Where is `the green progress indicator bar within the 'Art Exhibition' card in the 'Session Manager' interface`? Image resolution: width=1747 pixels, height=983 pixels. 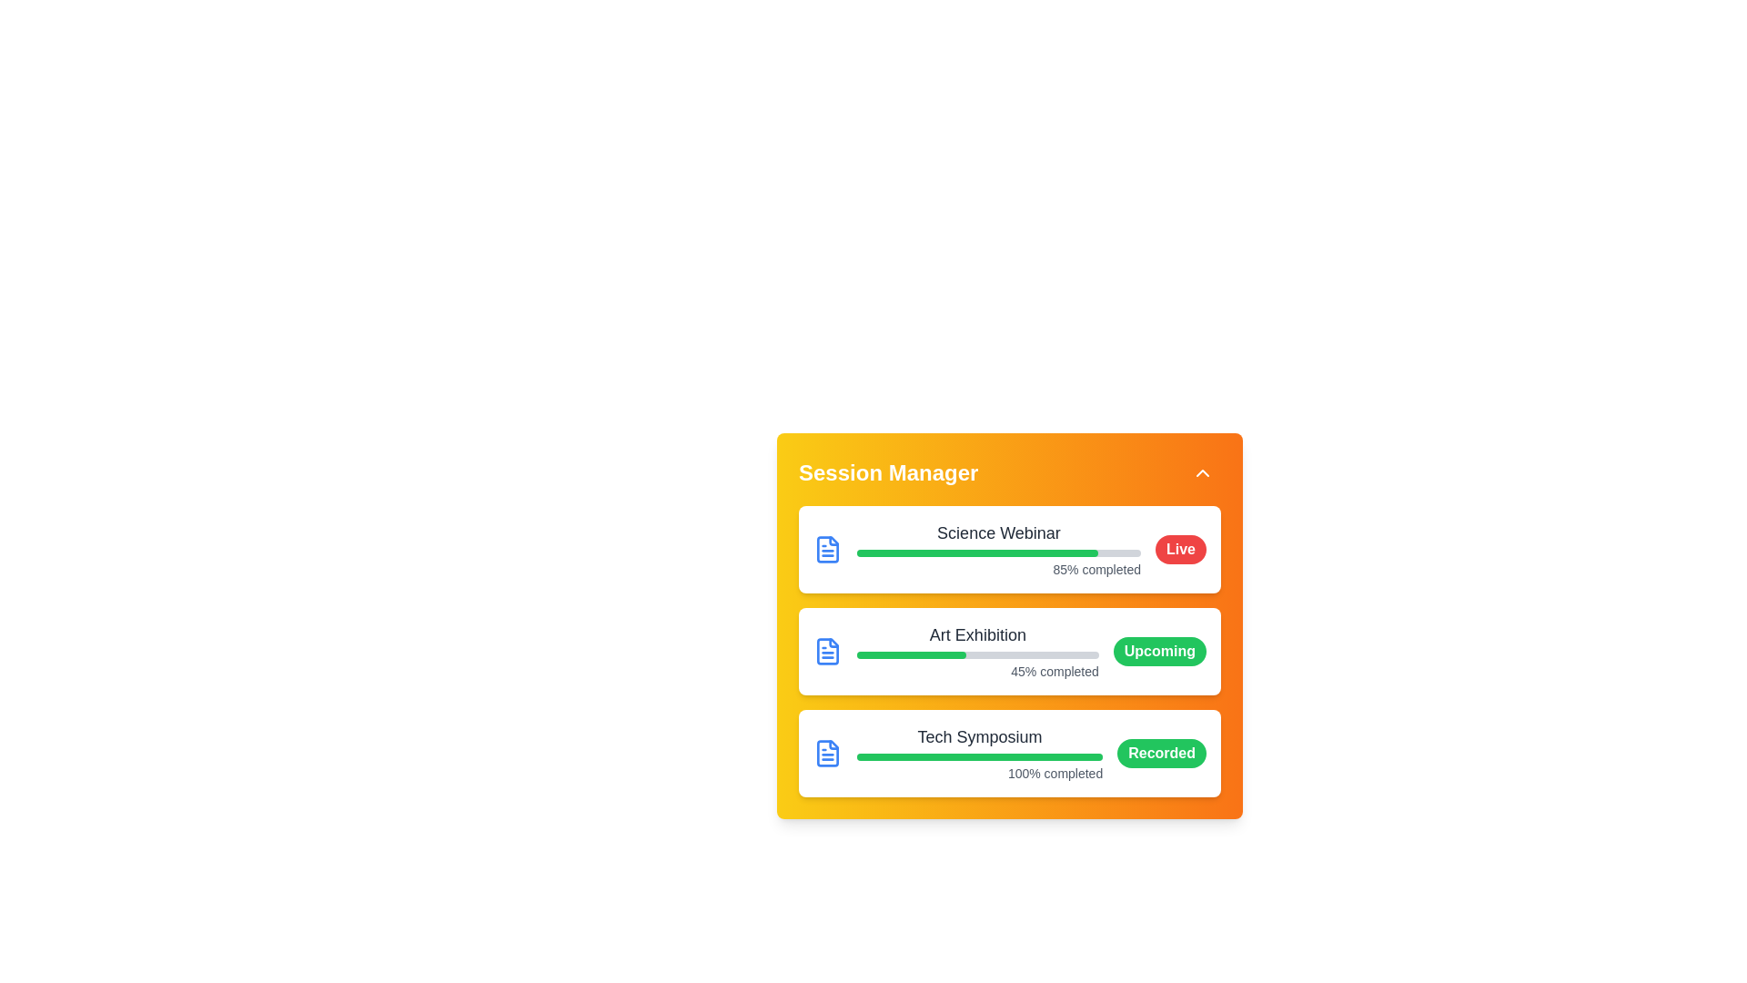
the green progress indicator bar within the 'Art Exhibition' card in the 'Session Manager' interface is located at coordinates (911, 655).